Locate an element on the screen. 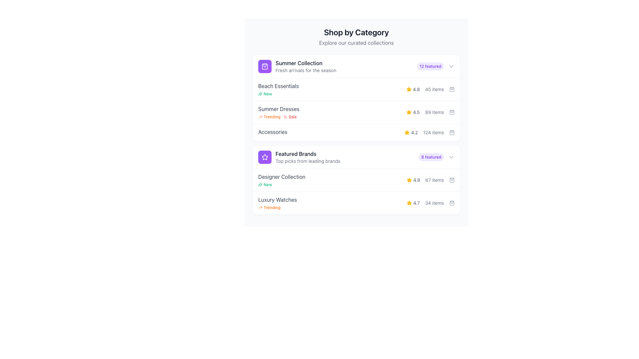 Image resolution: width=639 pixels, height=359 pixels. the icon representing the 'Summer Collection' category, located next to the text 'Summer Collection' and 'Fresh arrivals for the season' is located at coordinates (265, 66).